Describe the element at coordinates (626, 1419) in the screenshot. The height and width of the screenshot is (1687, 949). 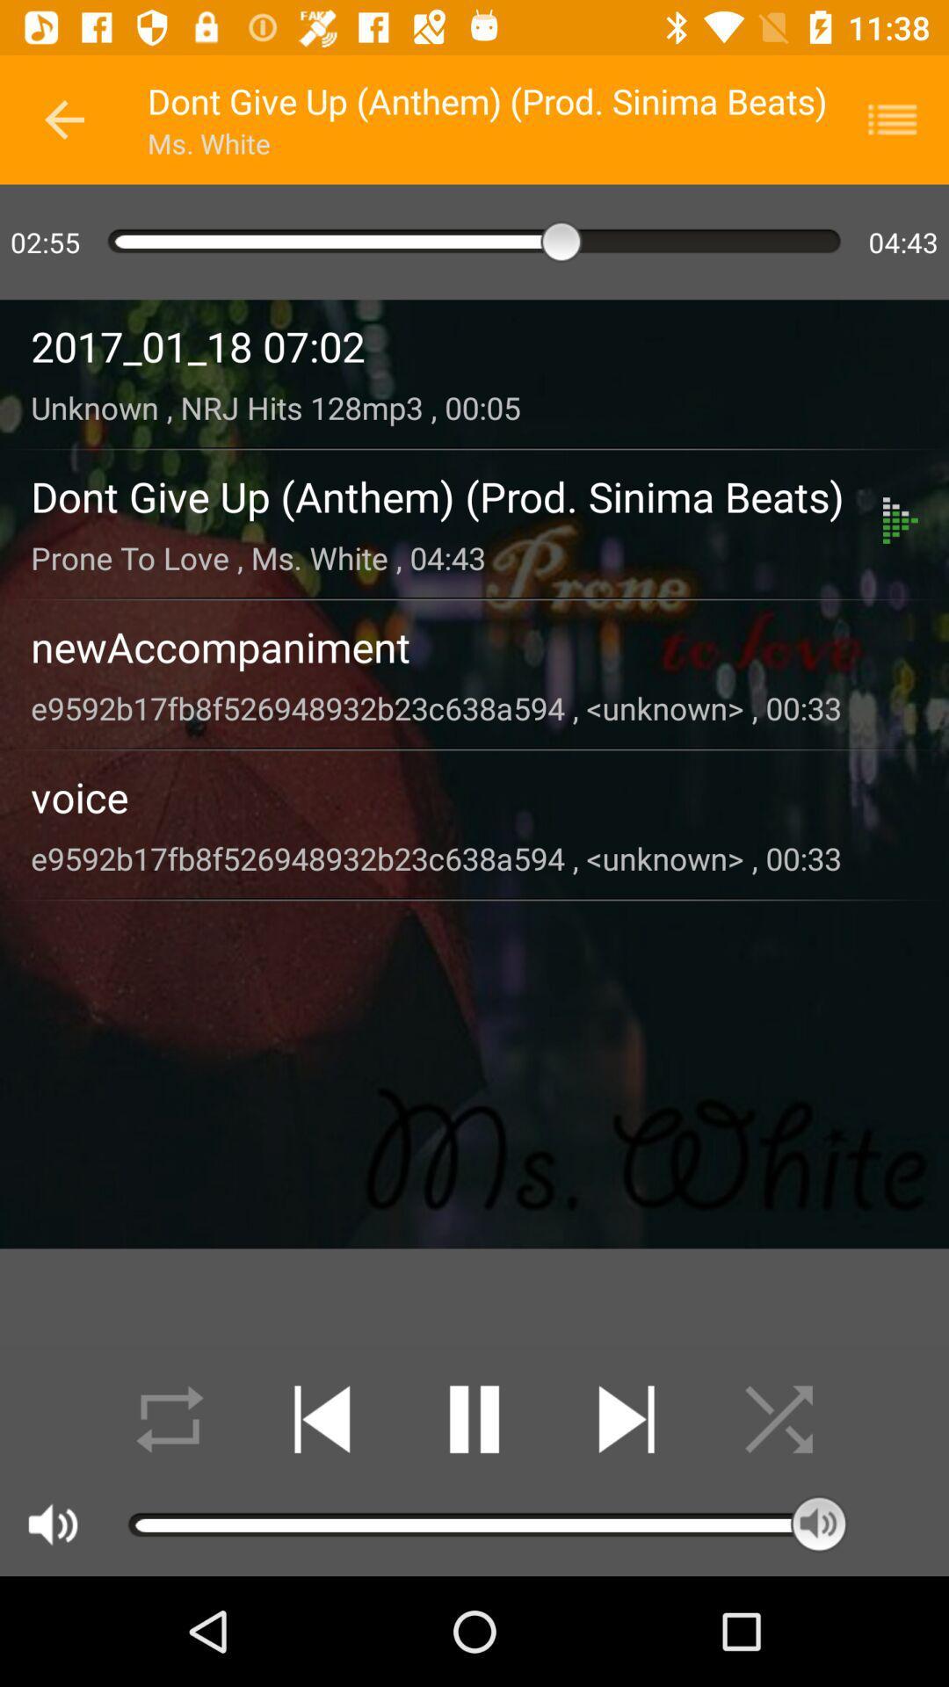
I see `the skip_next icon` at that location.